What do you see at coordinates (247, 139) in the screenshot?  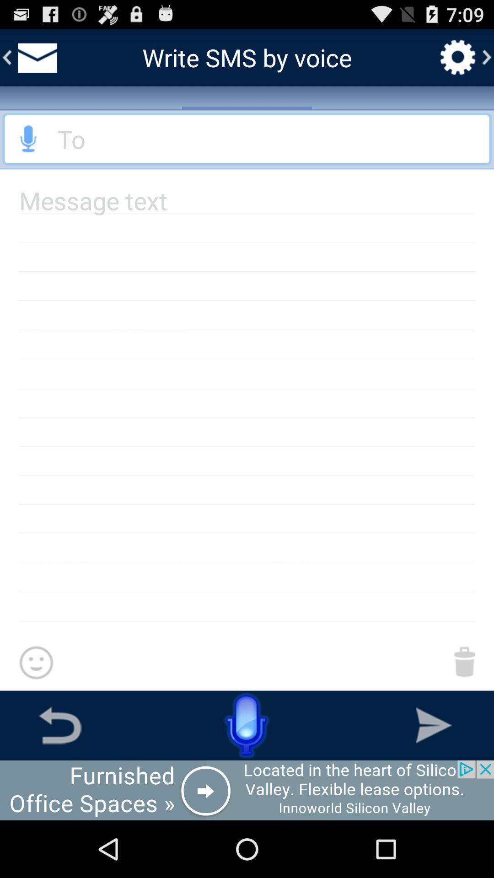 I see `go back` at bounding box center [247, 139].